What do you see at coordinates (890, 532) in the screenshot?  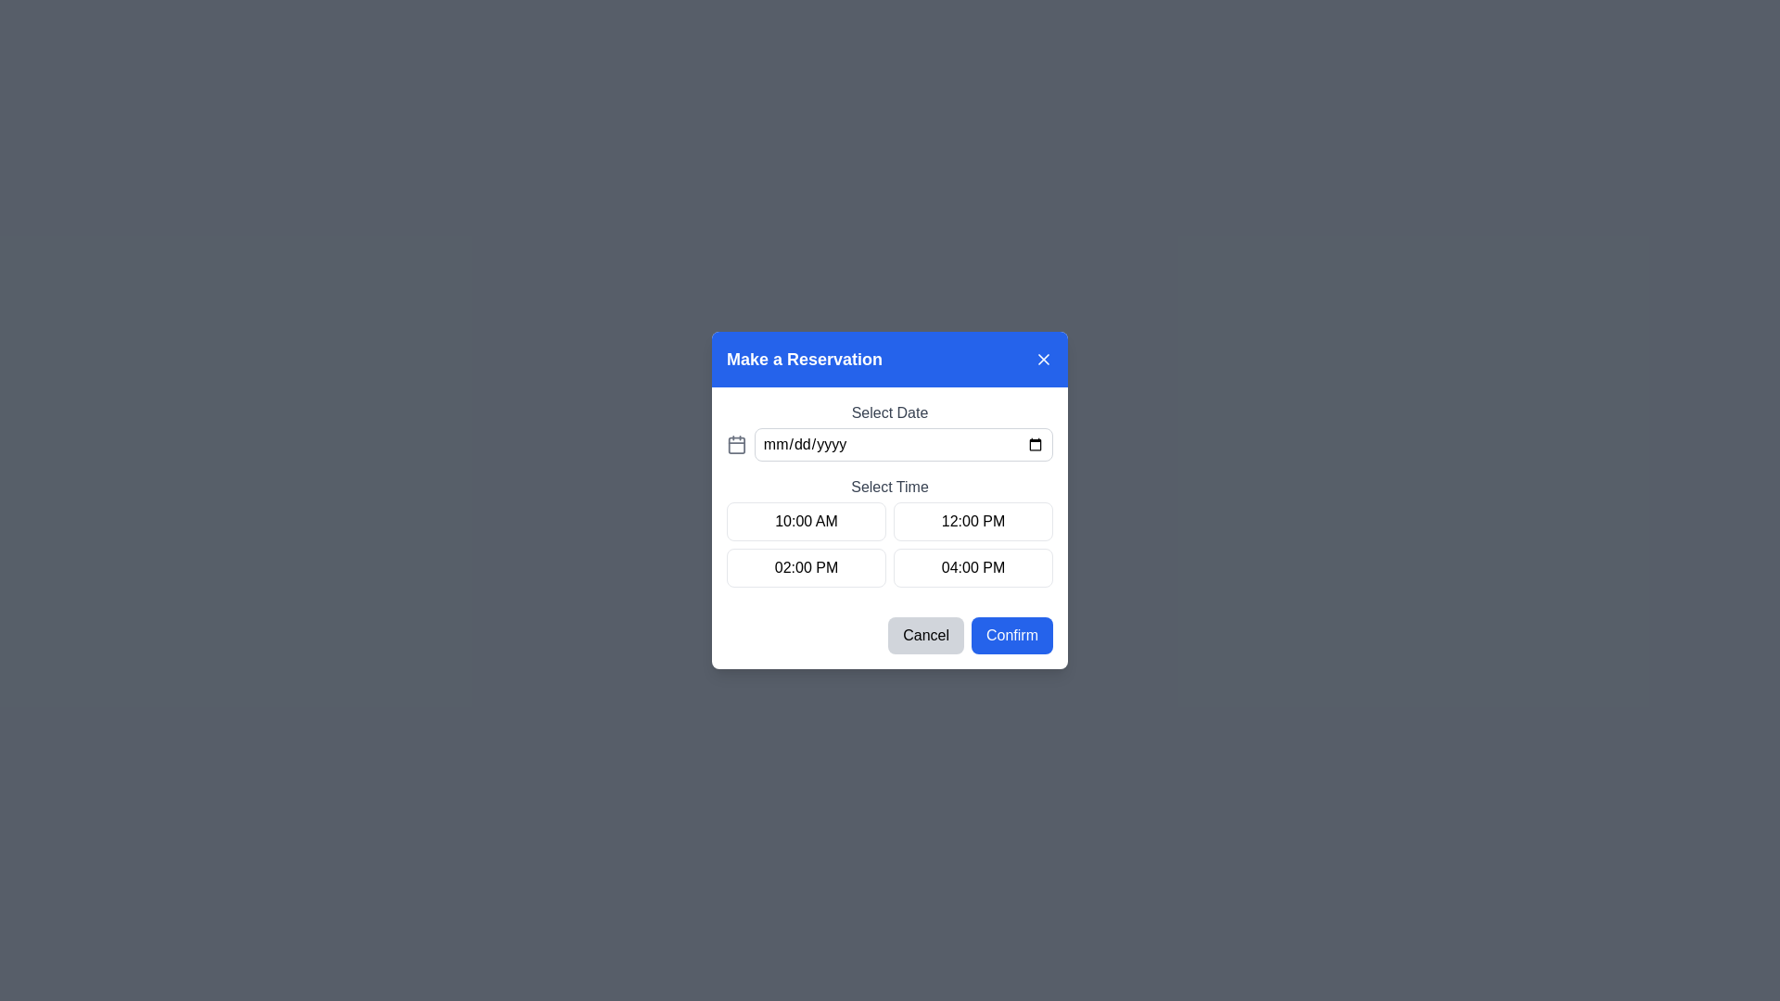 I see `the time slot button in the grid located below the 'Select Date' section within the 'Make a Reservation' modal dialog` at bounding box center [890, 532].